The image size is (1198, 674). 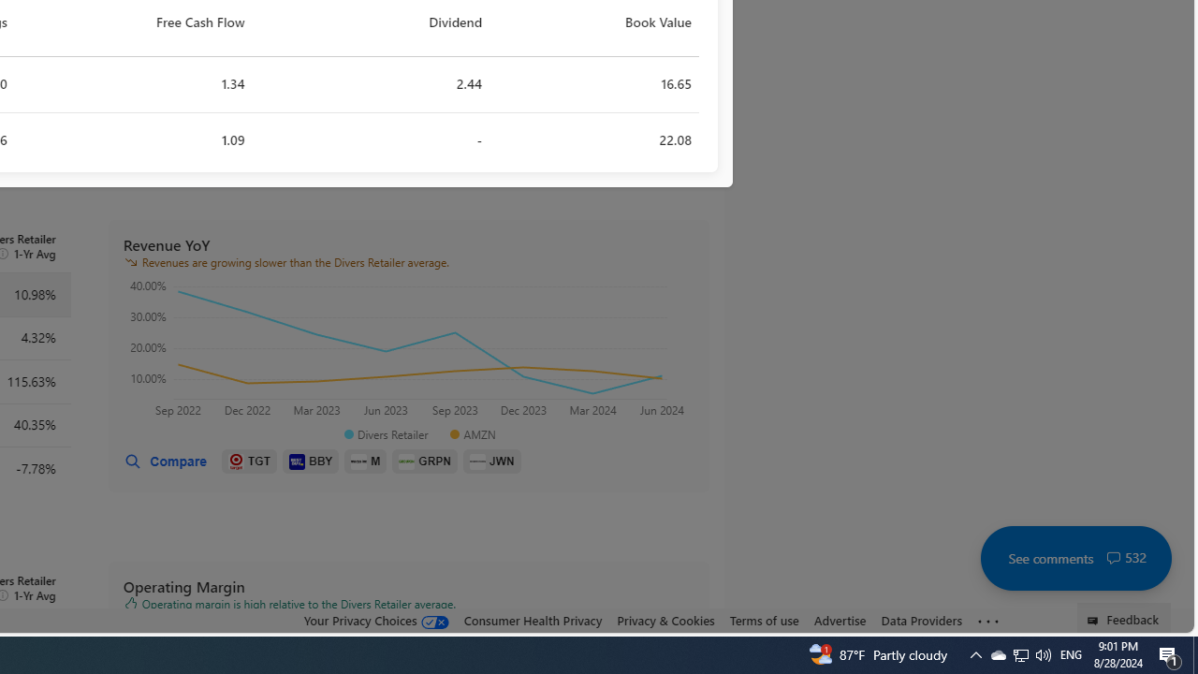 What do you see at coordinates (1096, 621) in the screenshot?
I see `'Class: feedback_link_icon-DS-EntryPoint1-1'` at bounding box center [1096, 621].